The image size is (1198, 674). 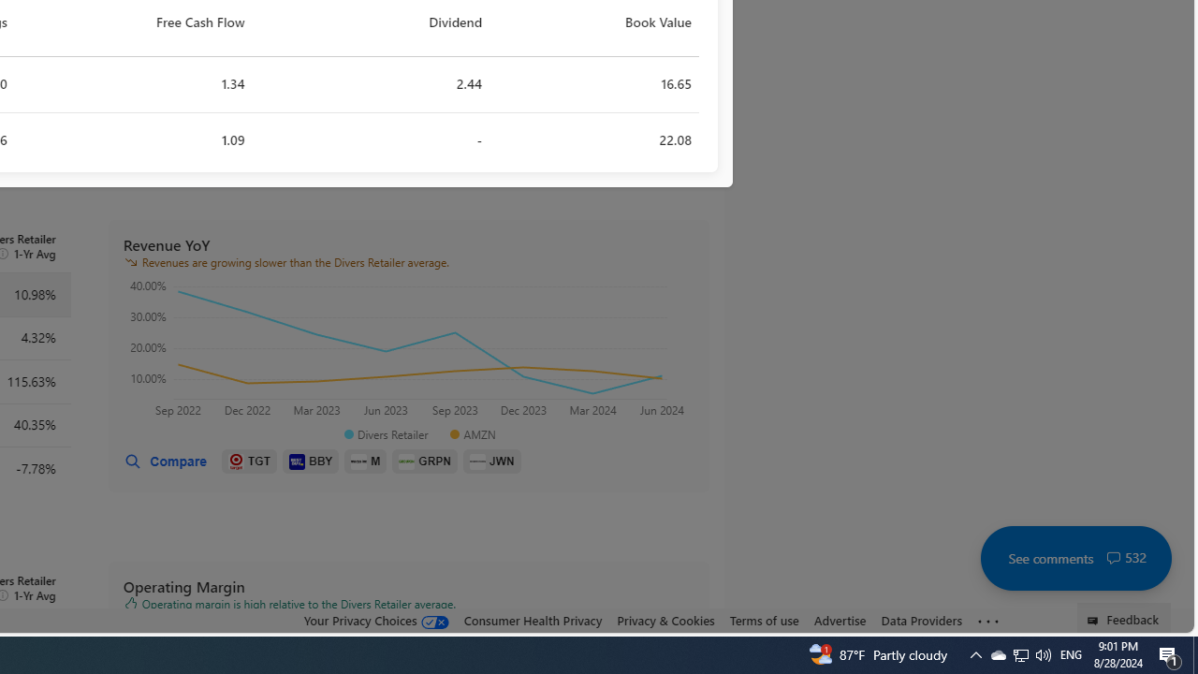 What do you see at coordinates (1096, 621) in the screenshot?
I see `'Class: feedback_link_icon-DS-EntryPoint1-1'` at bounding box center [1096, 621].